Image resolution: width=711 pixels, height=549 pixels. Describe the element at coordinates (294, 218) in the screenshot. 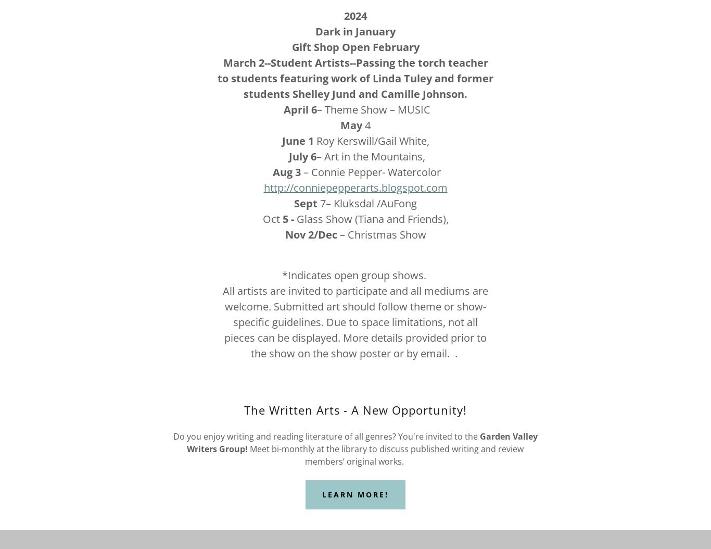

I see `'Glass Show (Tiana and Friends),'` at that location.